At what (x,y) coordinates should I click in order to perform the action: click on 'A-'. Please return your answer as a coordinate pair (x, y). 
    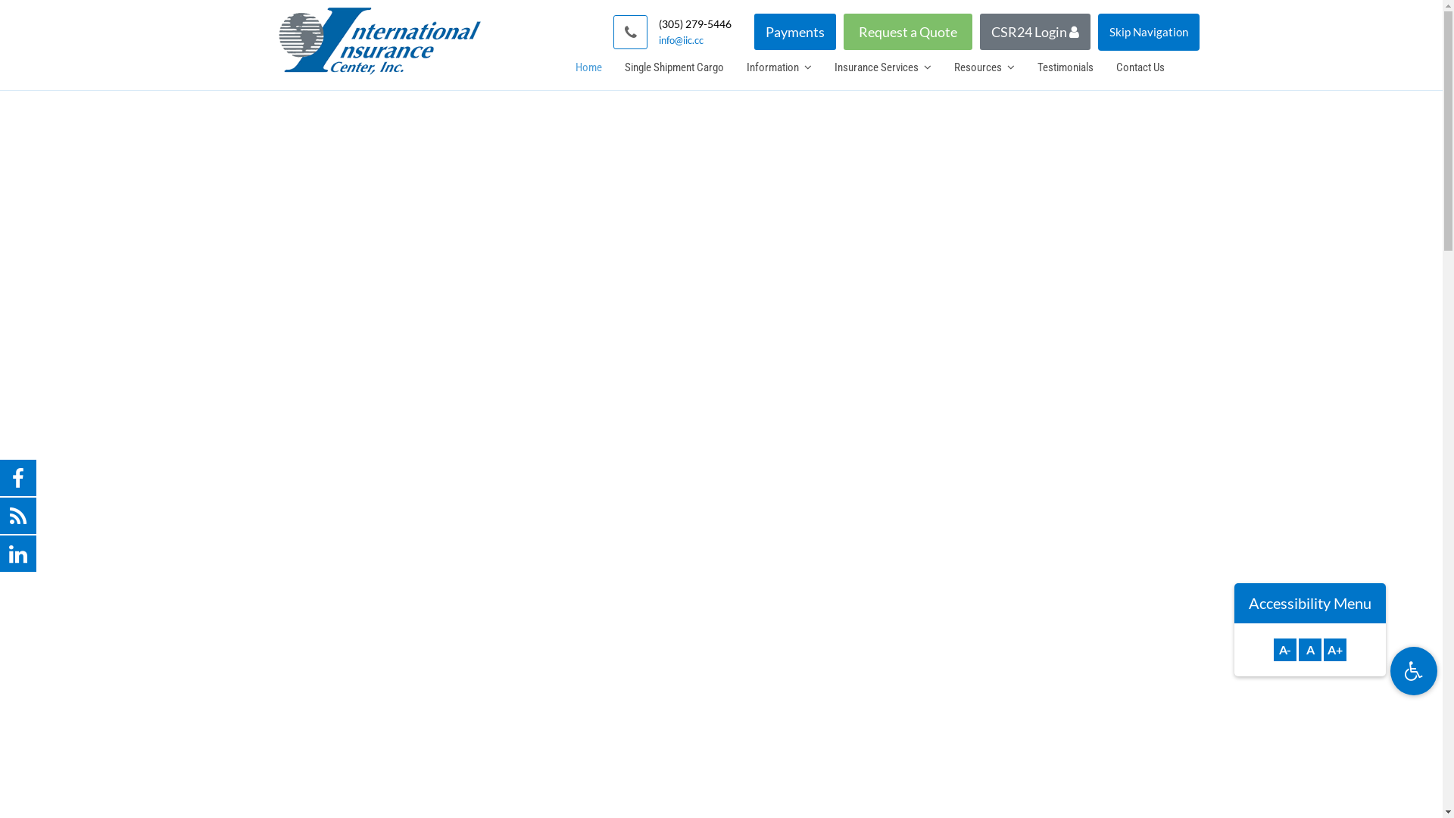
    Looking at the image, I should click on (1284, 648).